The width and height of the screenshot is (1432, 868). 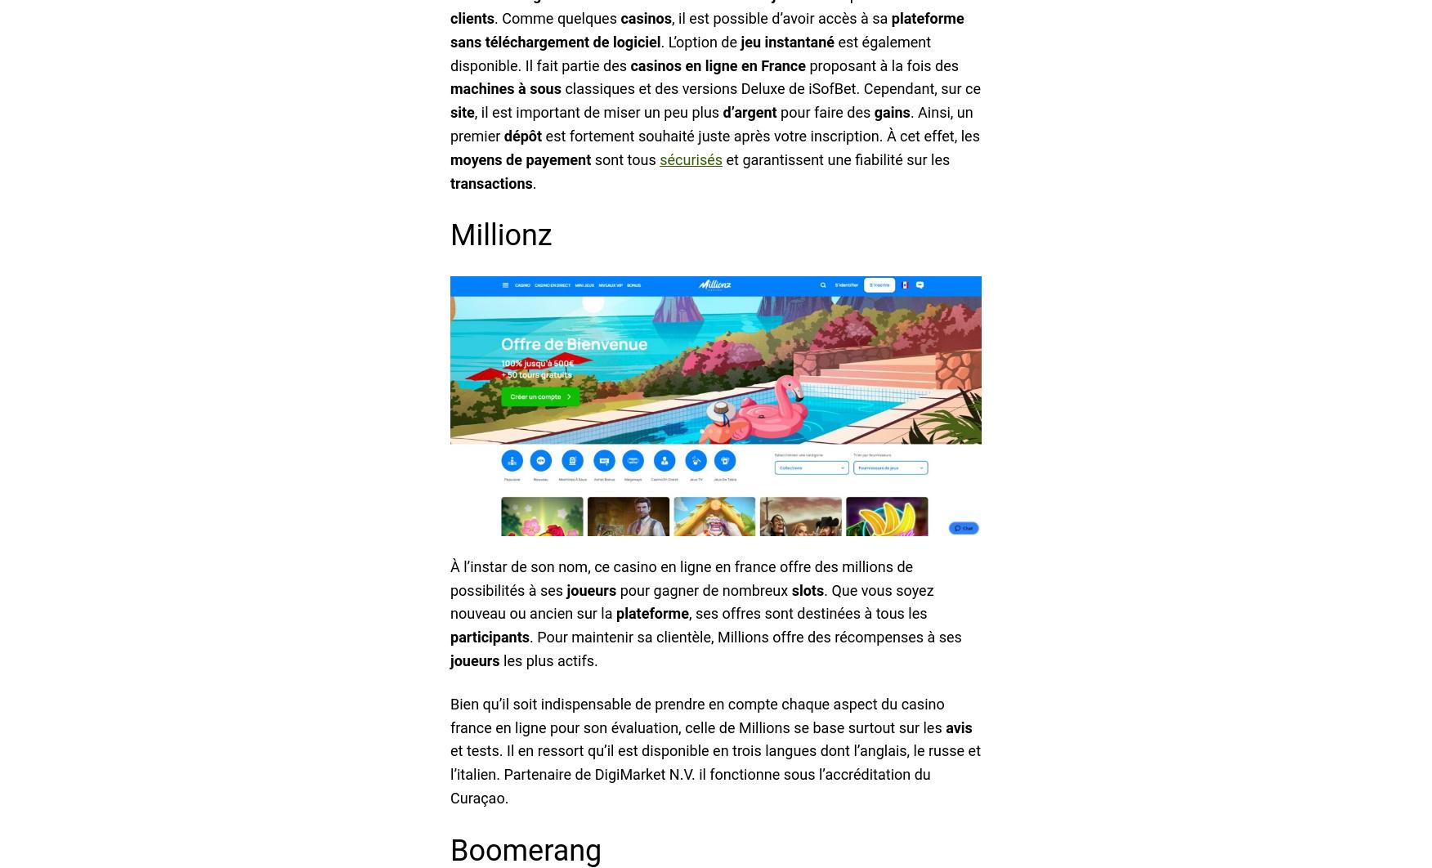 What do you see at coordinates (835, 159) in the screenshot?
I see `'et garantissent une fiabilité sur les'` at bounding box center [835, 159].